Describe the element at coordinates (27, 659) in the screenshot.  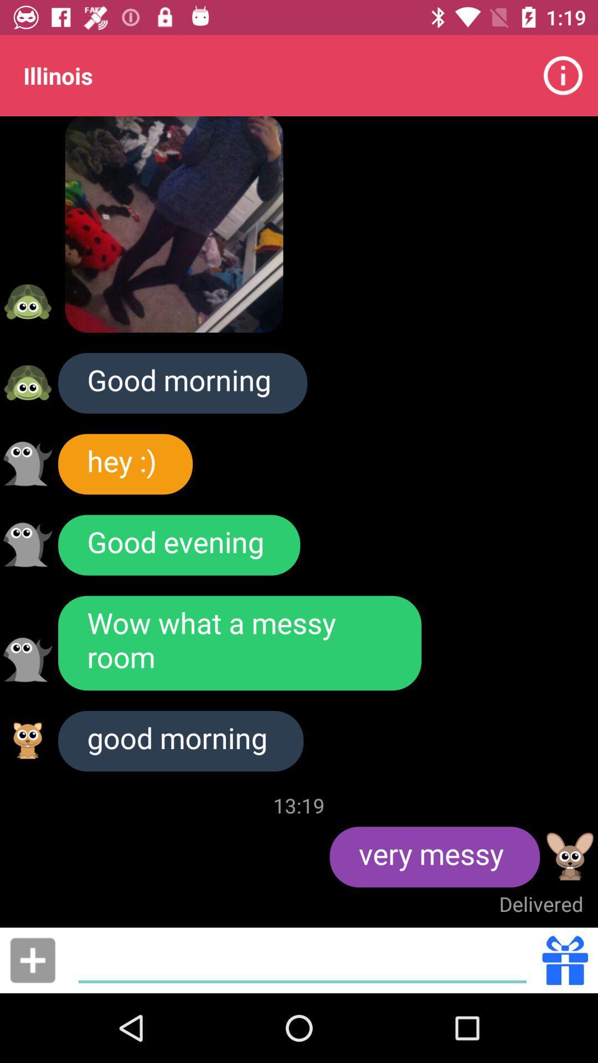
I see `chat participant avatar` at that location.